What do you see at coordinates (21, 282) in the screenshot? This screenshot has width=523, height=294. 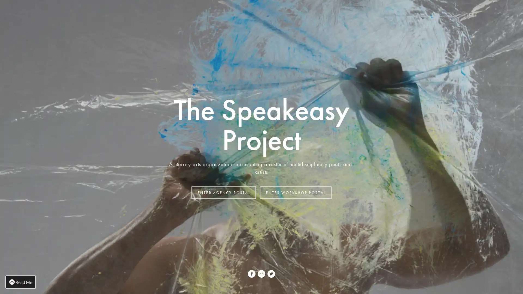 I see `Read Me` at bounding box center [21, 282].